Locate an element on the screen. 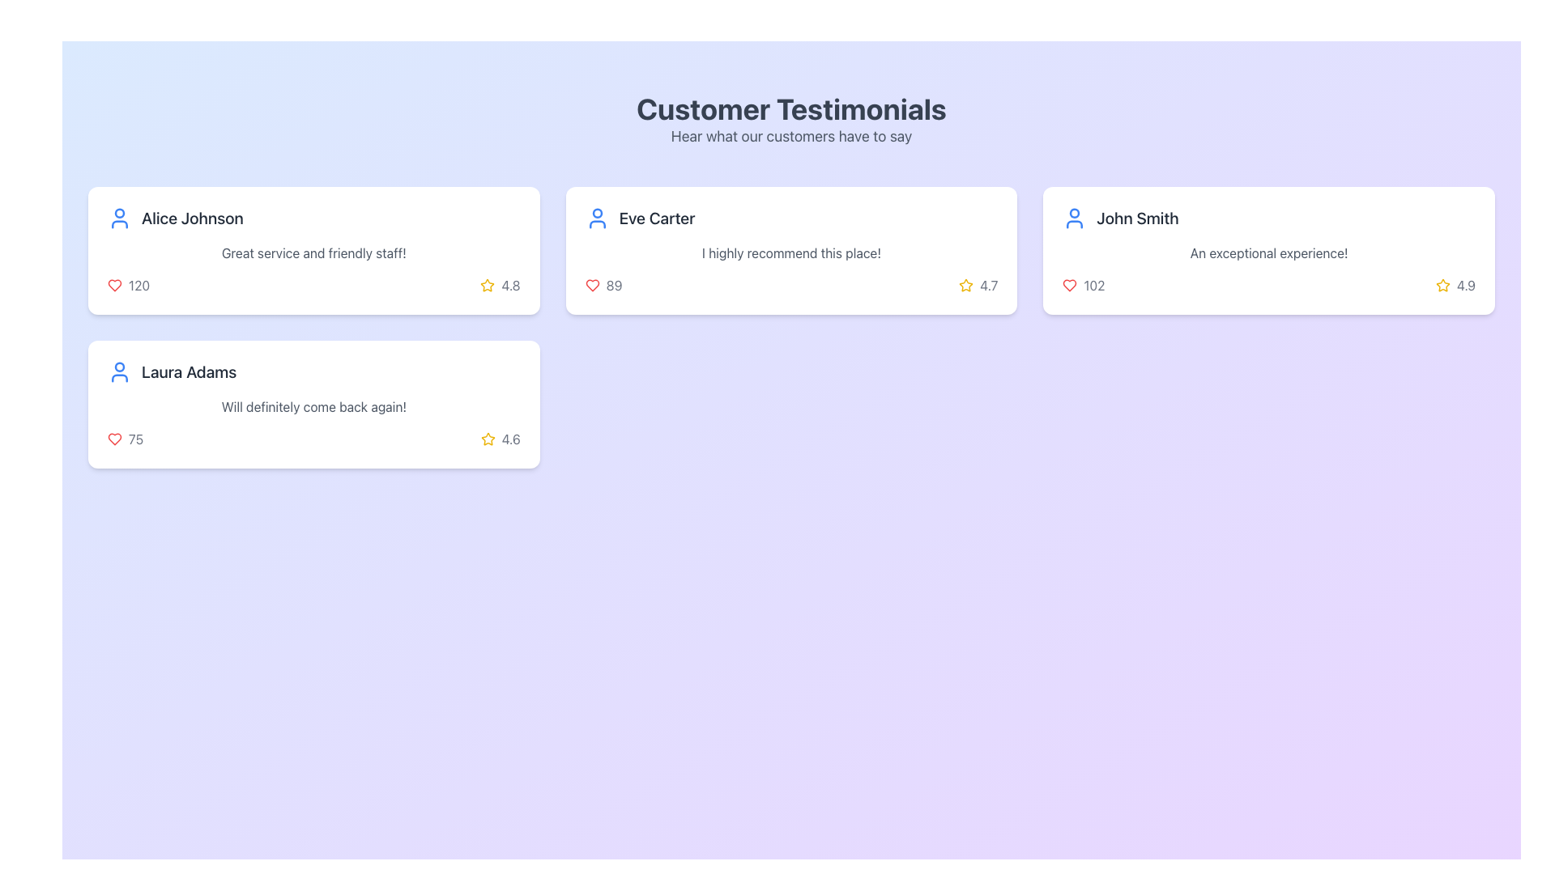 This screenshot has width=1555, height=874. the numeric value element displaying the count next to the red heart icon under the title 'Alice Johnson' is located at coordinates (139, 285).